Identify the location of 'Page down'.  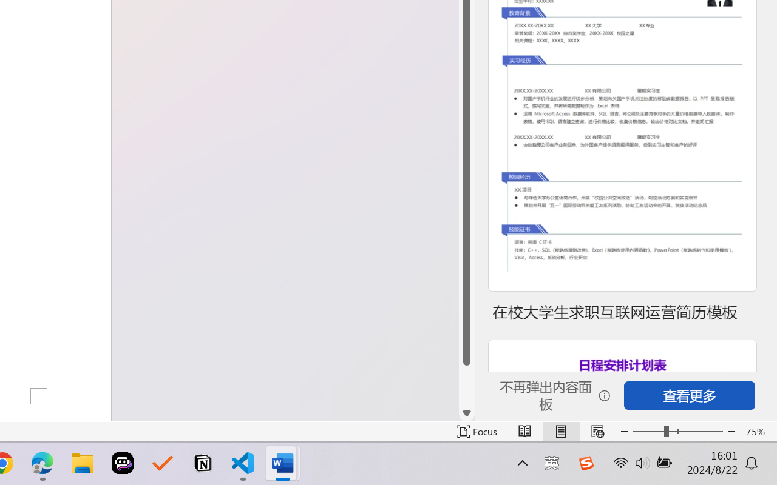
(466, 385).